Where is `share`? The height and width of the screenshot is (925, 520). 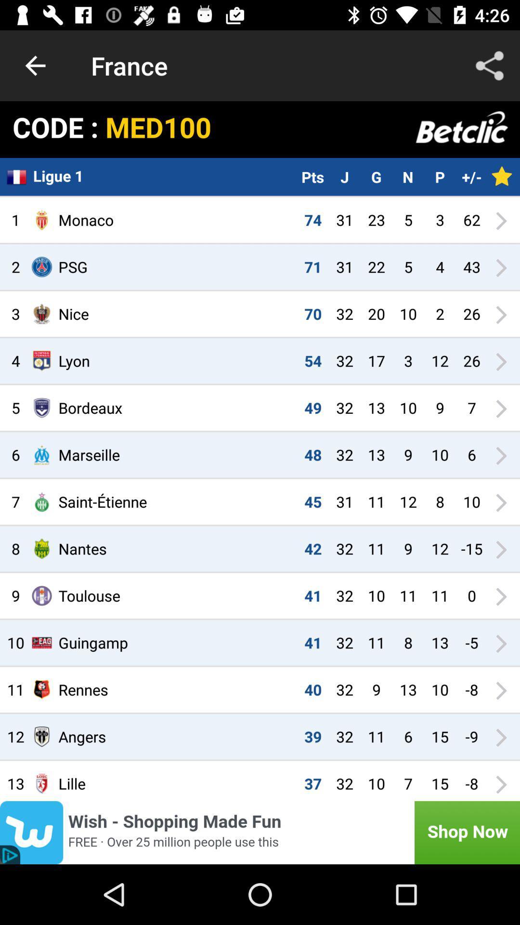
share is located at coordinates (490, 65).